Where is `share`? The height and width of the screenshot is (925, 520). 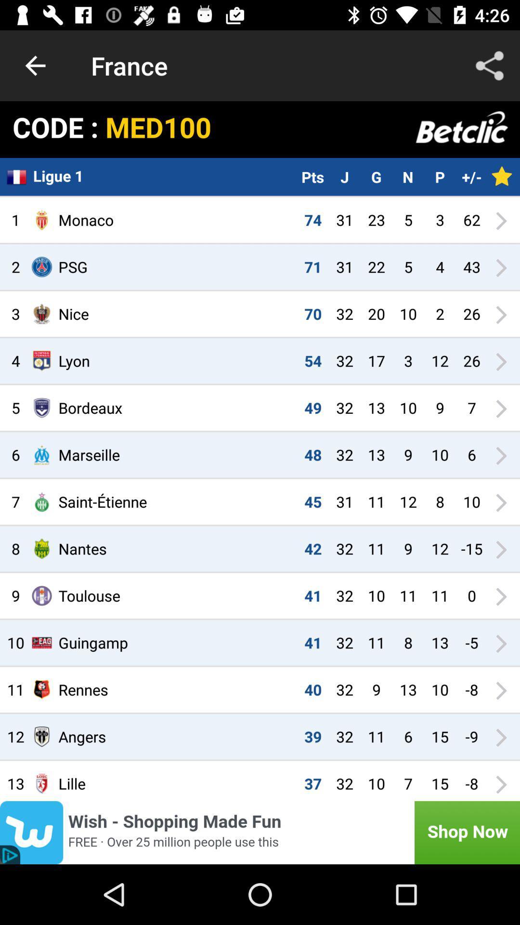
share is located at coordinates (490, 65).